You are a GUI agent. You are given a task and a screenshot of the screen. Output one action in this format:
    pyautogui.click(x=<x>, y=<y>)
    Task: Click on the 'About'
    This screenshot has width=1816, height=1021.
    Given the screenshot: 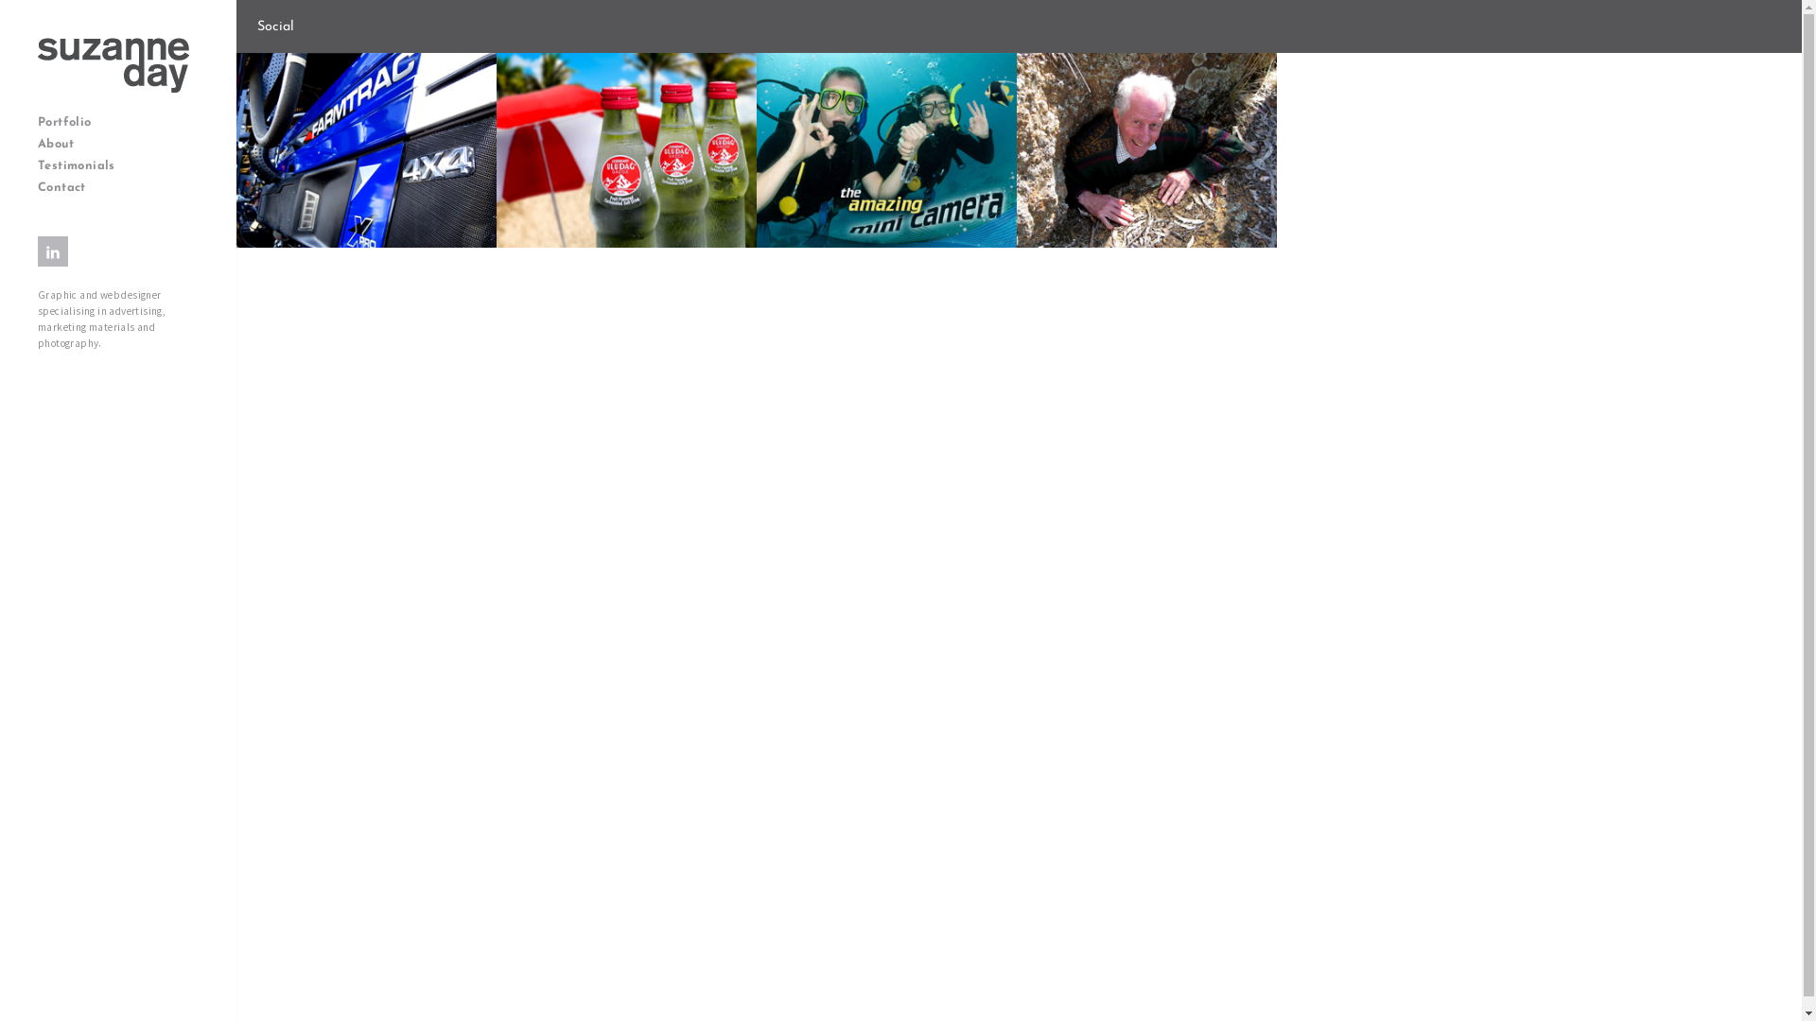 What is the action you would take?
    pyautogui.click(x=119, y=143)
    